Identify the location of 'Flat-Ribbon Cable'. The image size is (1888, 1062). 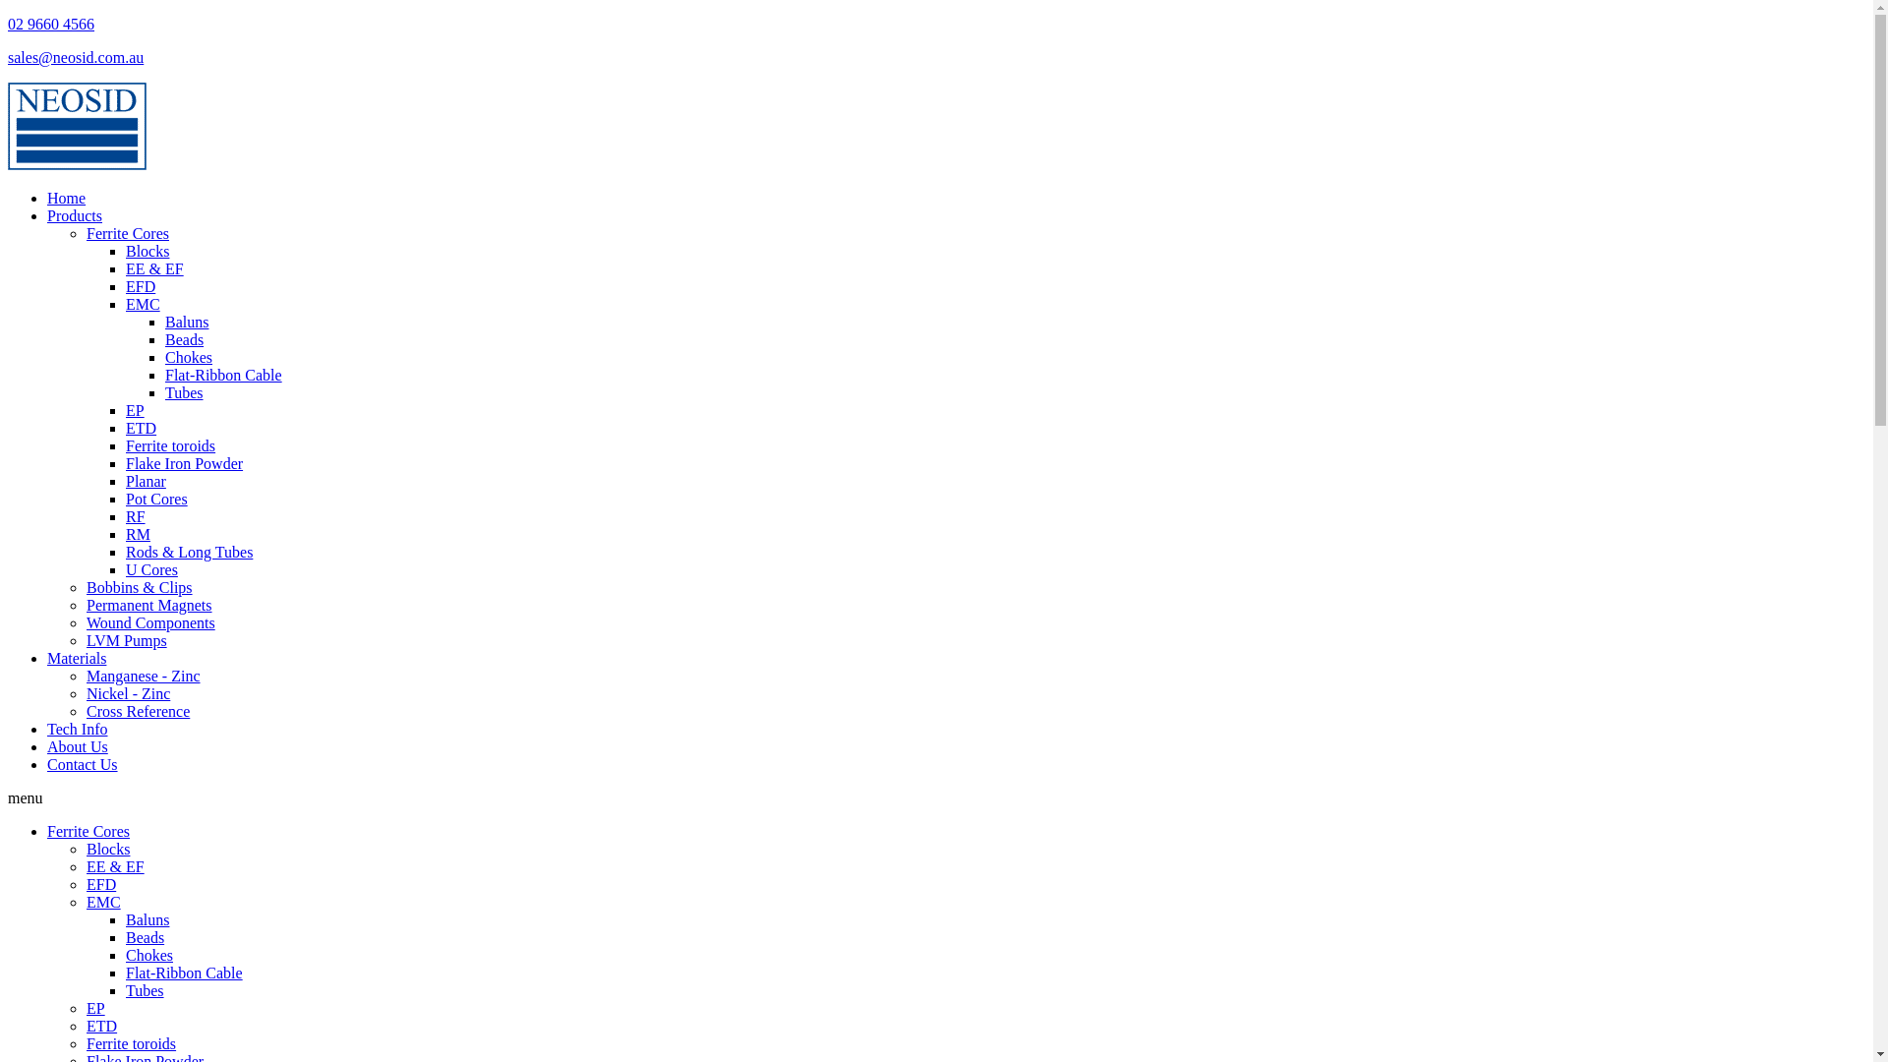
(184, 972).